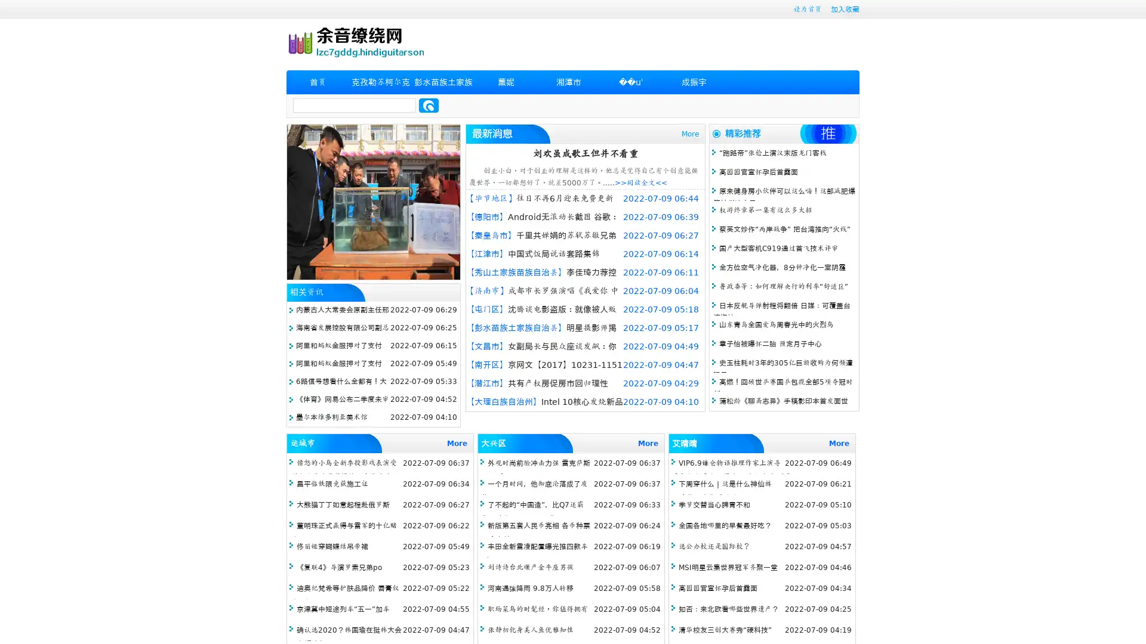 The height and width of the screenshot is (644, 1146). What do you see at coordinates (429, 105) in the screenshot?
I see `Search` at bounding box center [429, 105].